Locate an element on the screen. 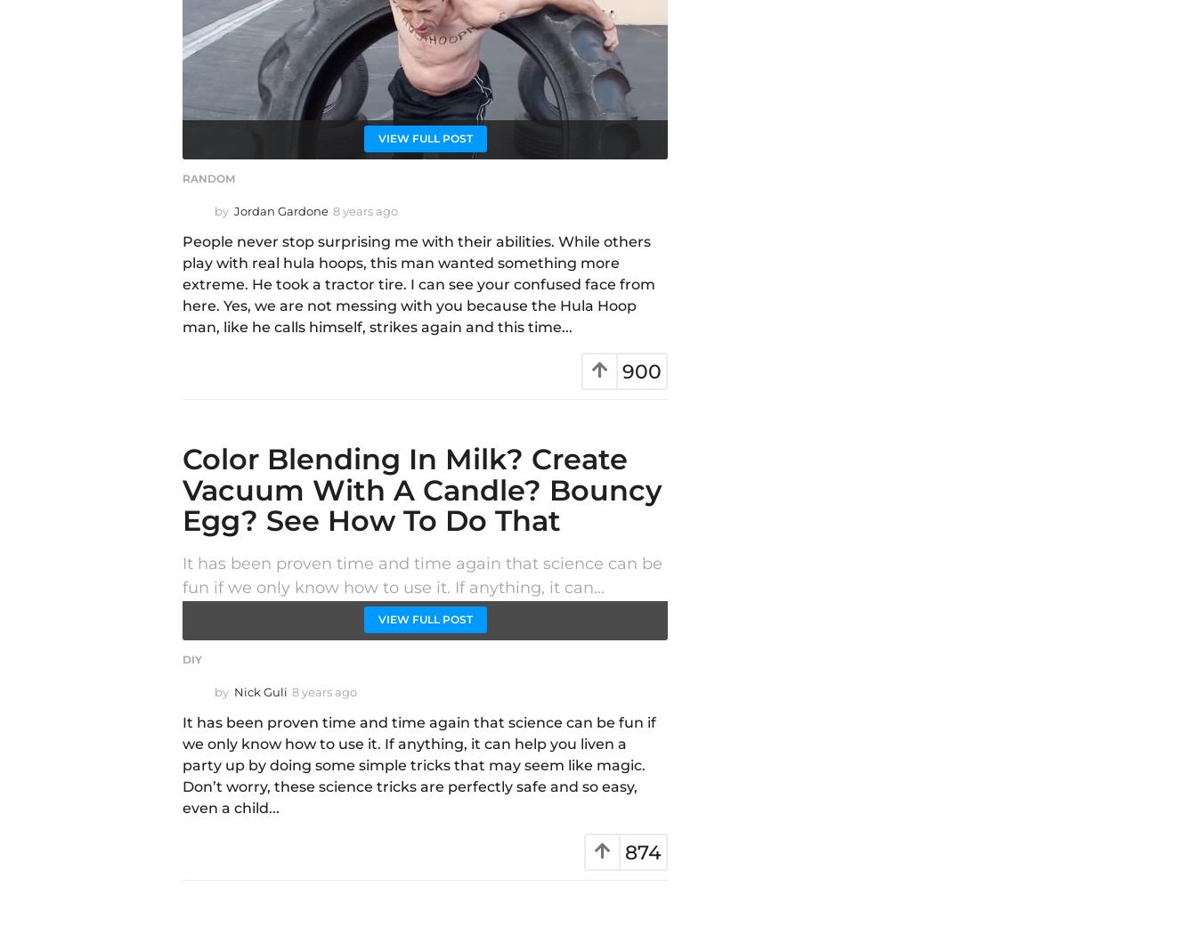  'Color Blending In Milk? Create Vacuum With A Candle? Bouncy Egg? See How To Do That' is located at coordinates (421, 488).